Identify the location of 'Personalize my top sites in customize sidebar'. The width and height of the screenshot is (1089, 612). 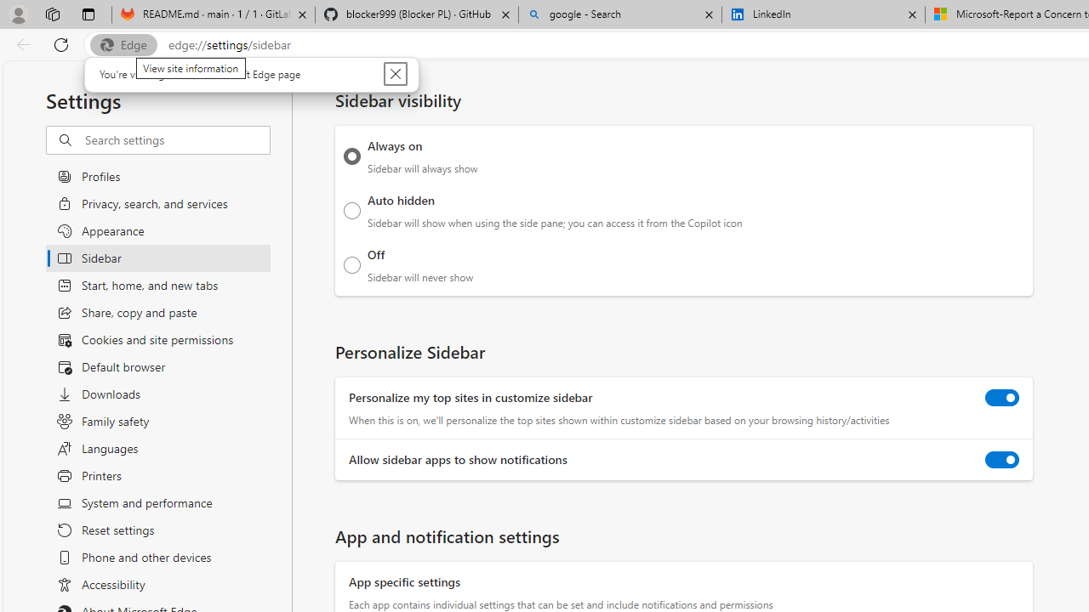
(1002, 398).